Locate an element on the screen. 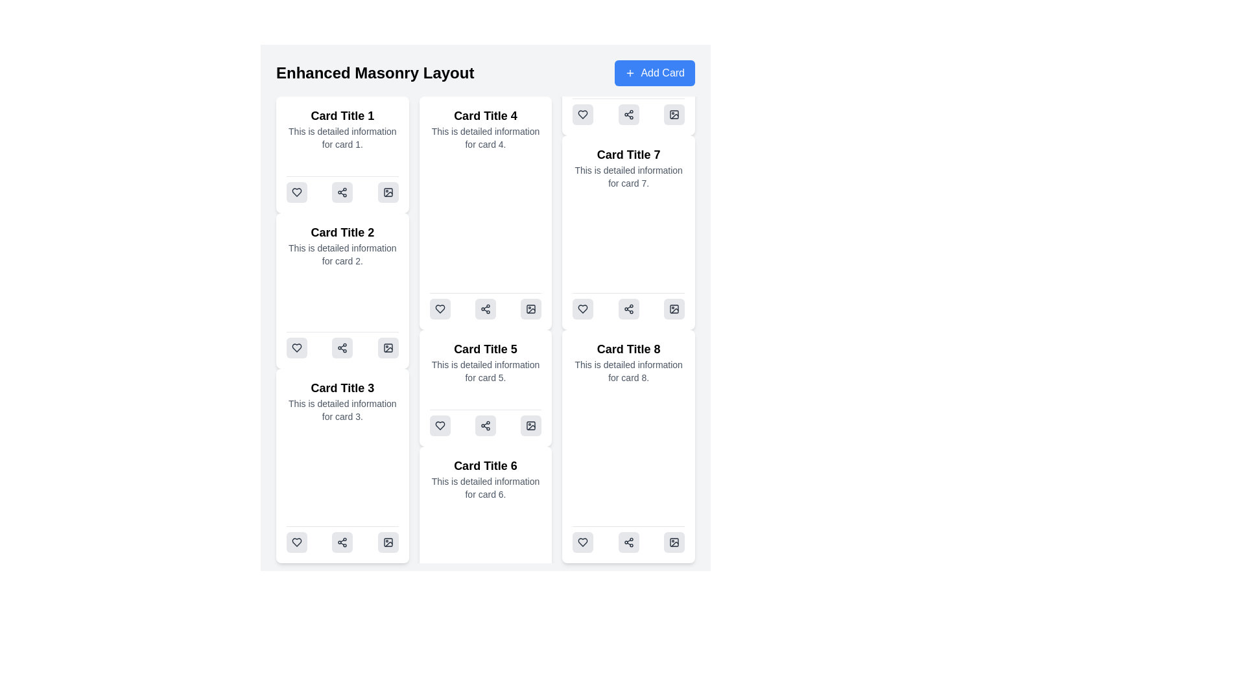 This screenshot has height=700, width=1245. the heart-shaped SVG graphic icon representing favorites or likes, located at the bottom of 'Card Title 2' in the first column of the card layout is located at coordinates (296, 347).